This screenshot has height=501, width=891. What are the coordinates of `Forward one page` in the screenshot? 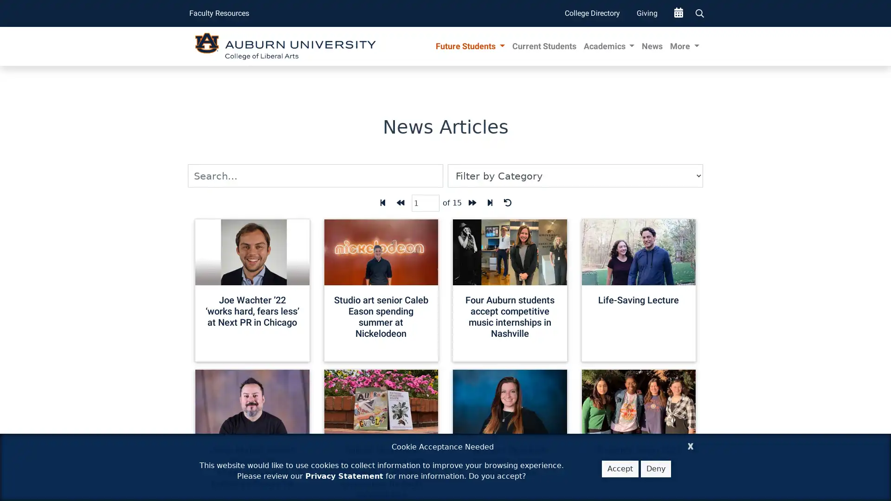 It's located at (472, 203).